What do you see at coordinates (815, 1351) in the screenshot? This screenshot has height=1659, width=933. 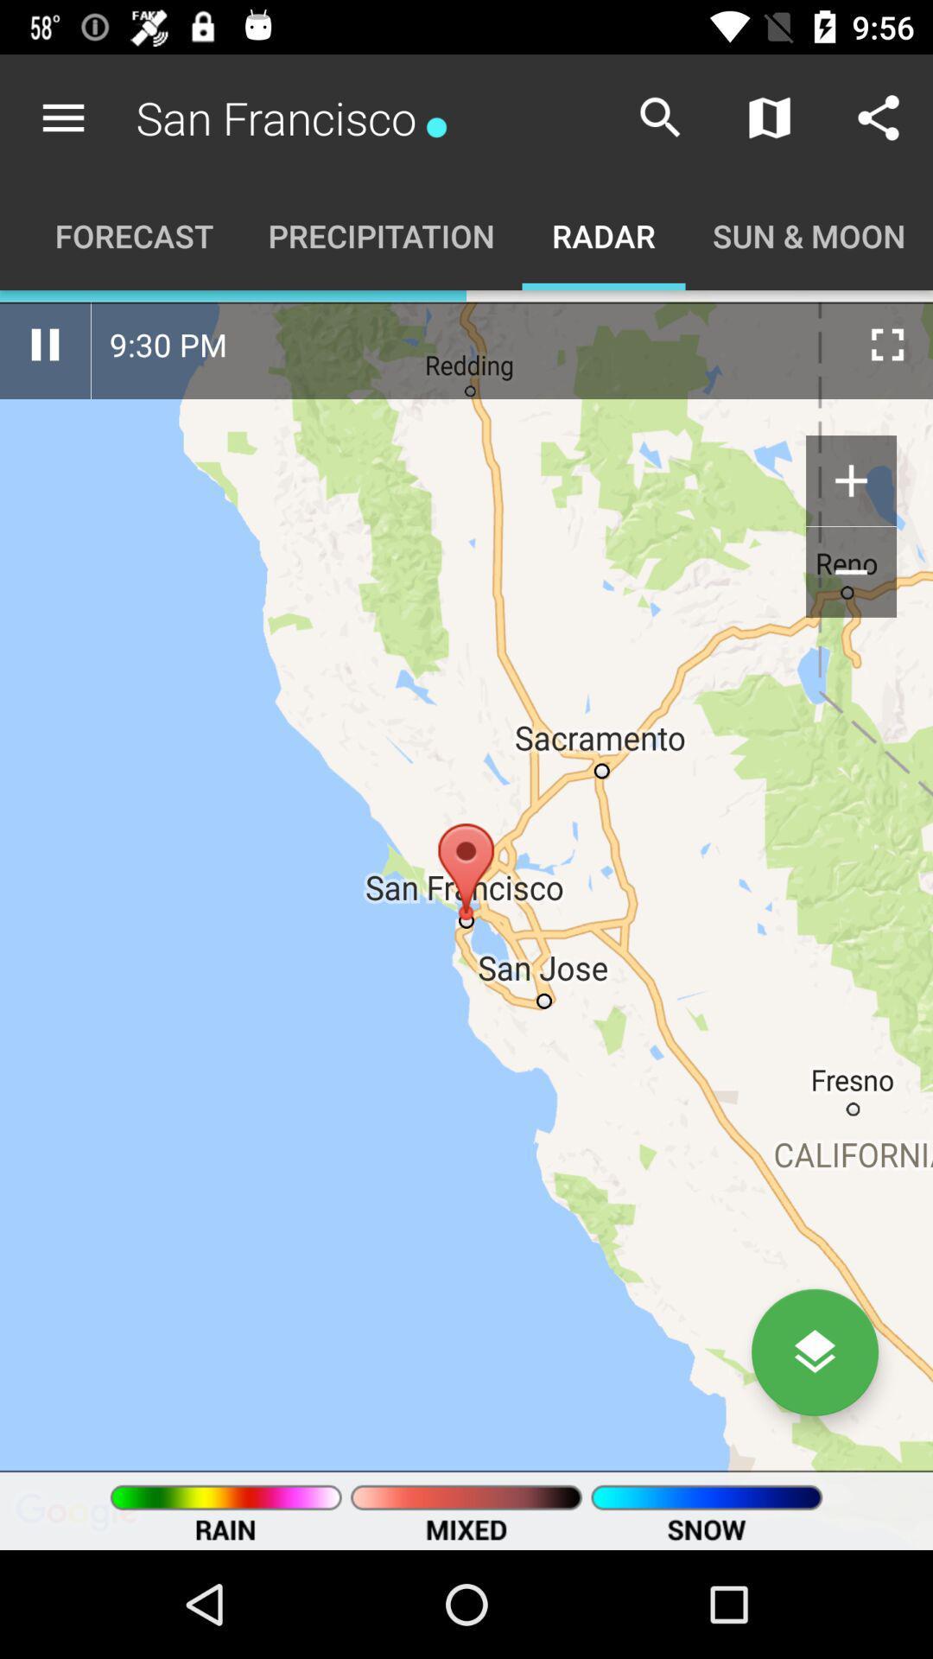 I see `the layers icon` at bounding box center [815, 1351].